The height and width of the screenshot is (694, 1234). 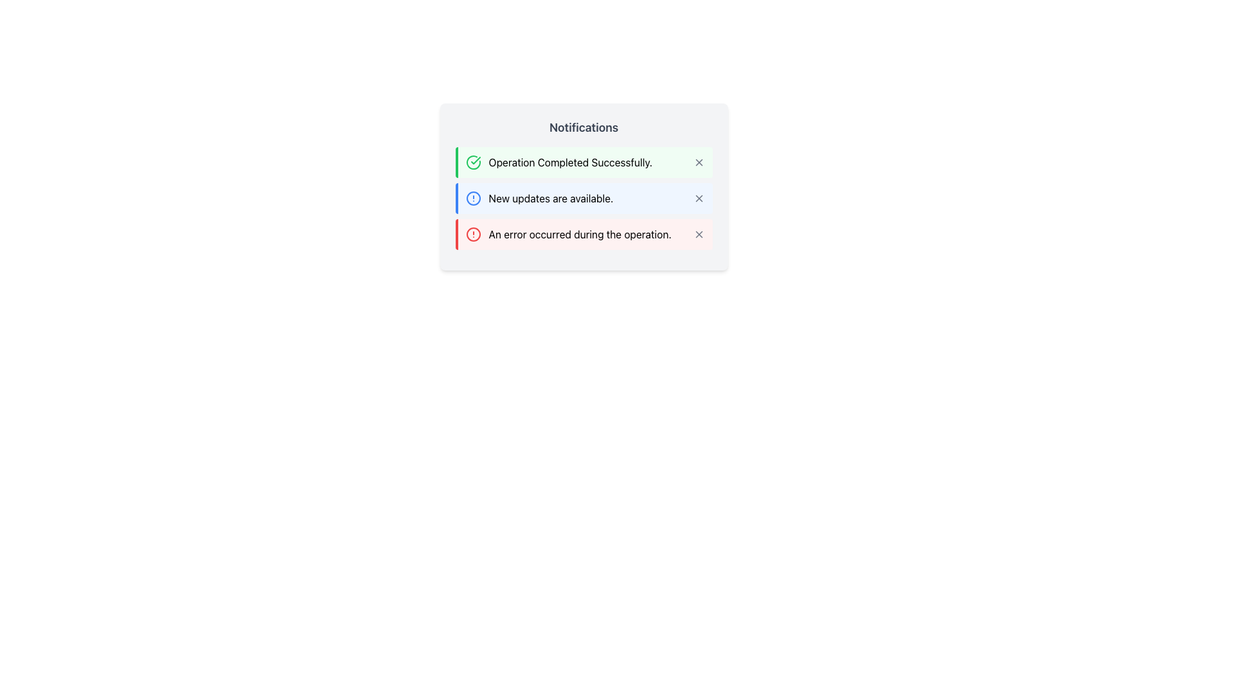 What do you see at coordinates (551, 198) in the screenshot?
I see `the Text Label displaying 'New updates are available.' which is styled with black text on a light blue background, located as the second notification in the notifications panel` at bounding box center [551, 198].